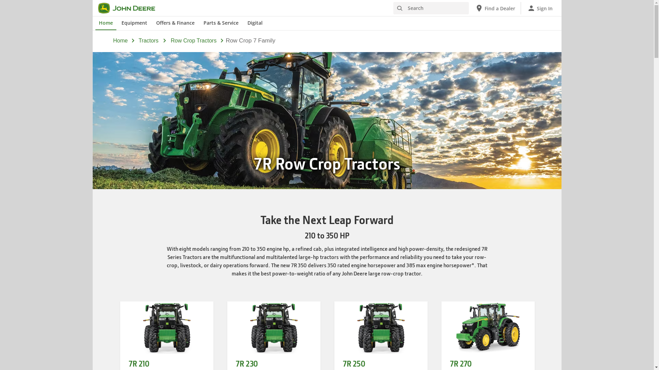  I want to click on '7R 250', so click(354, 363).